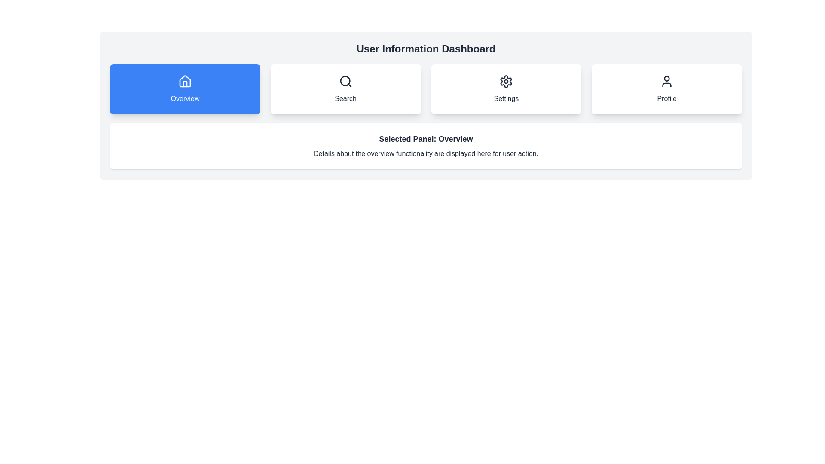 The height and width of the screenshot is (464, 825). I want to click on the settings button located under the 'User Information Dashboard', positioned between the 'Search' button and the 'Profile' button, so click(506, 89).